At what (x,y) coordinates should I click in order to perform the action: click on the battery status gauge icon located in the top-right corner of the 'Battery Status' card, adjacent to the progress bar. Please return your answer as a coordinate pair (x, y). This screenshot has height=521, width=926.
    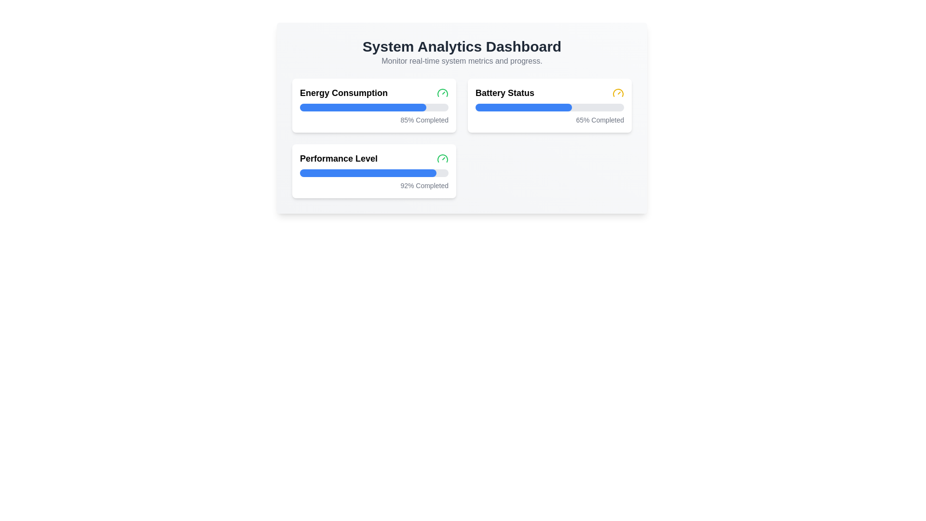
    Looking at the image, I should click on (618, 93).